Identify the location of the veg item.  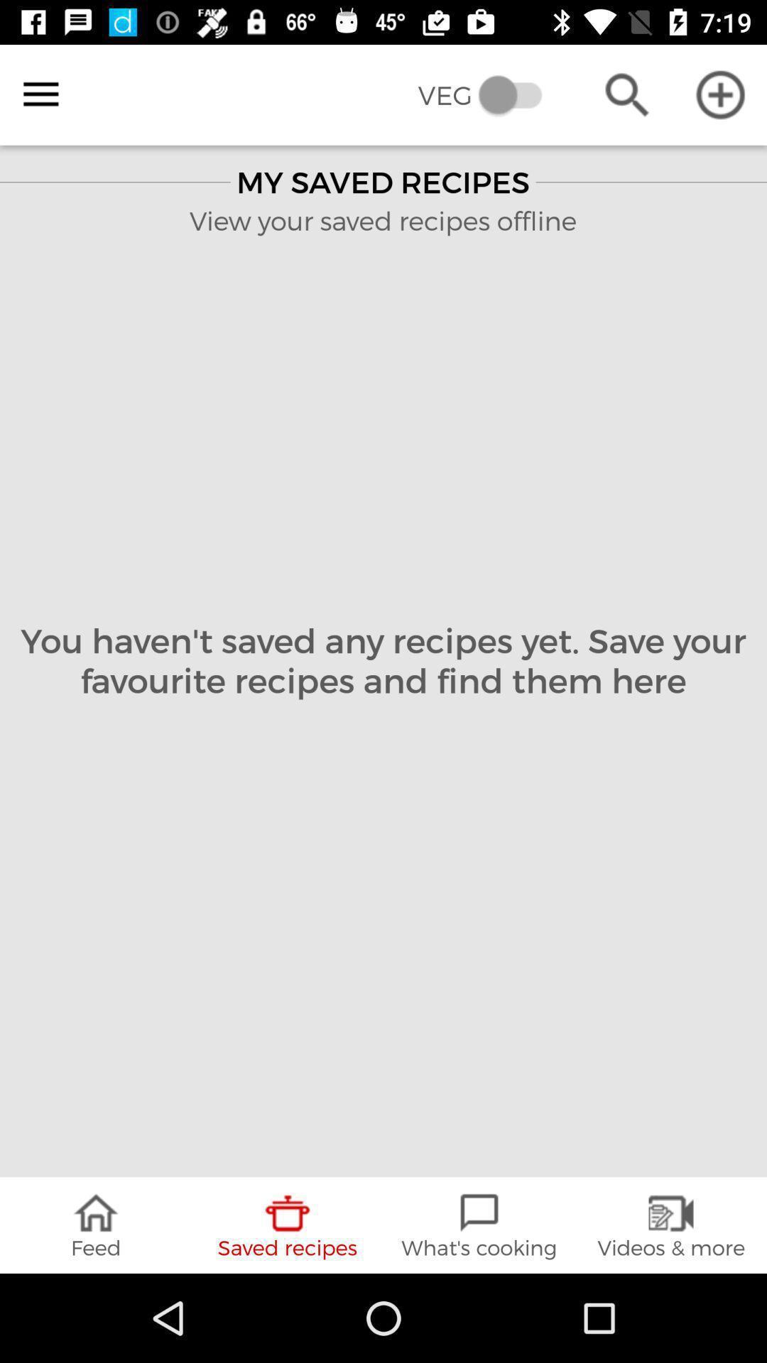
(489, 94).